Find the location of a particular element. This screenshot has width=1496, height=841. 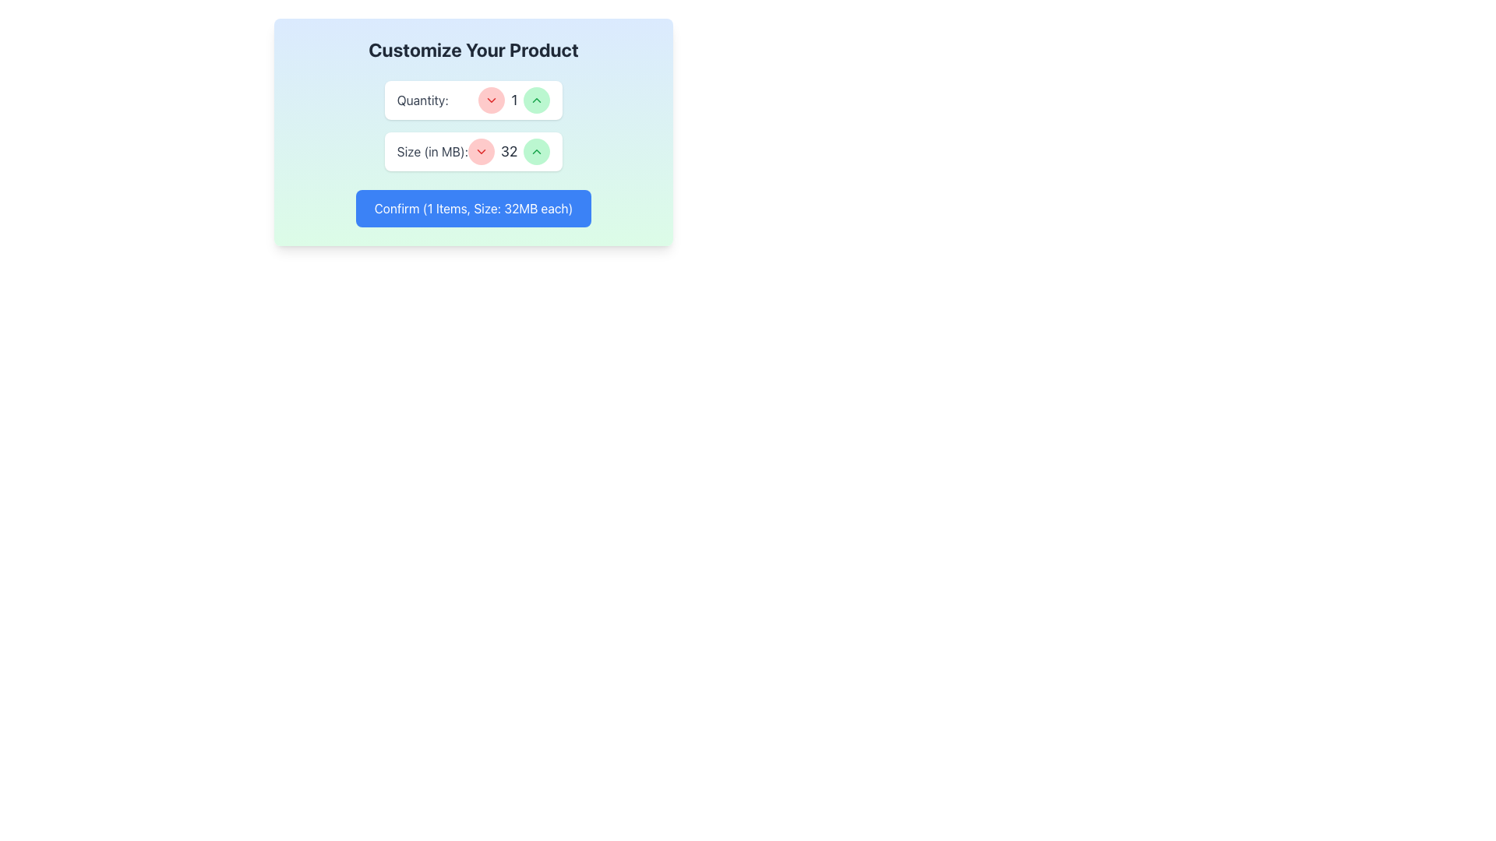

the increment button positioned to the right of the '1' in the 'Quantity:' row to activate the hover effect is located at coordinates (537, 100).